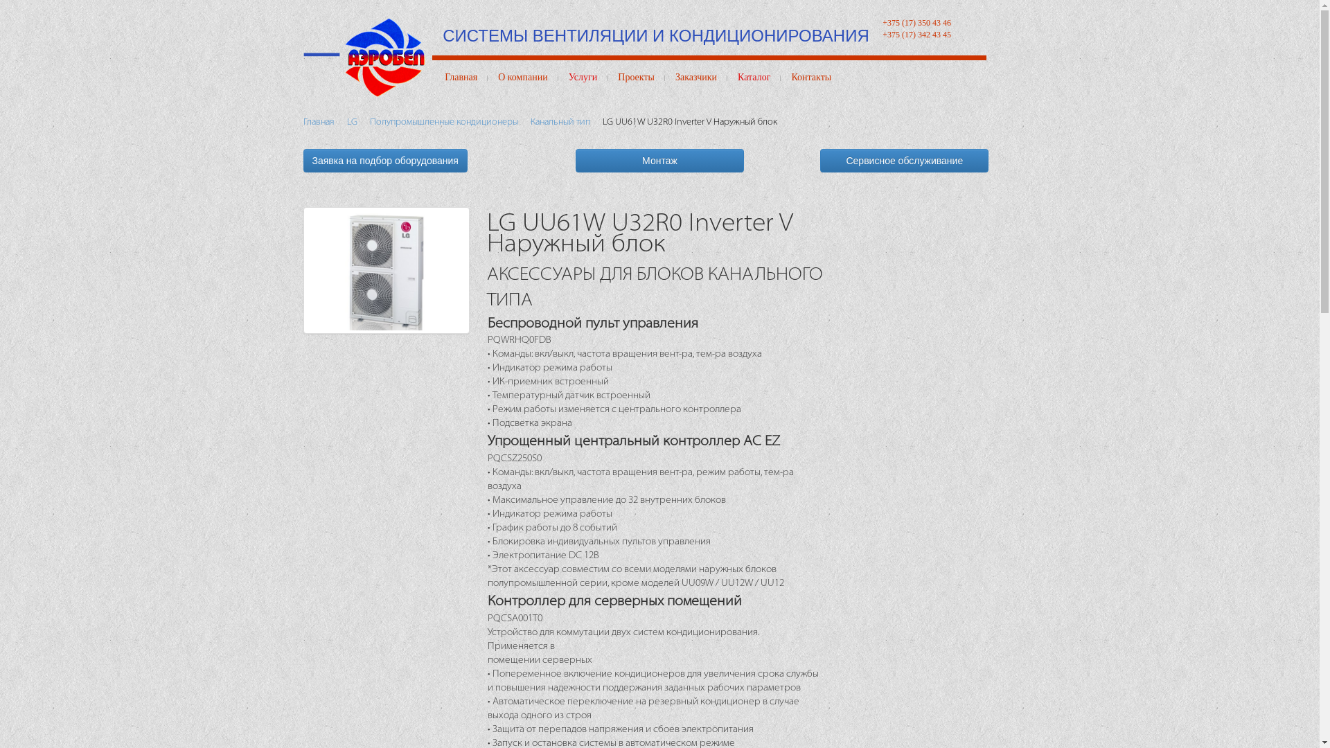  I want to click on 'LG', so click(351, 121).